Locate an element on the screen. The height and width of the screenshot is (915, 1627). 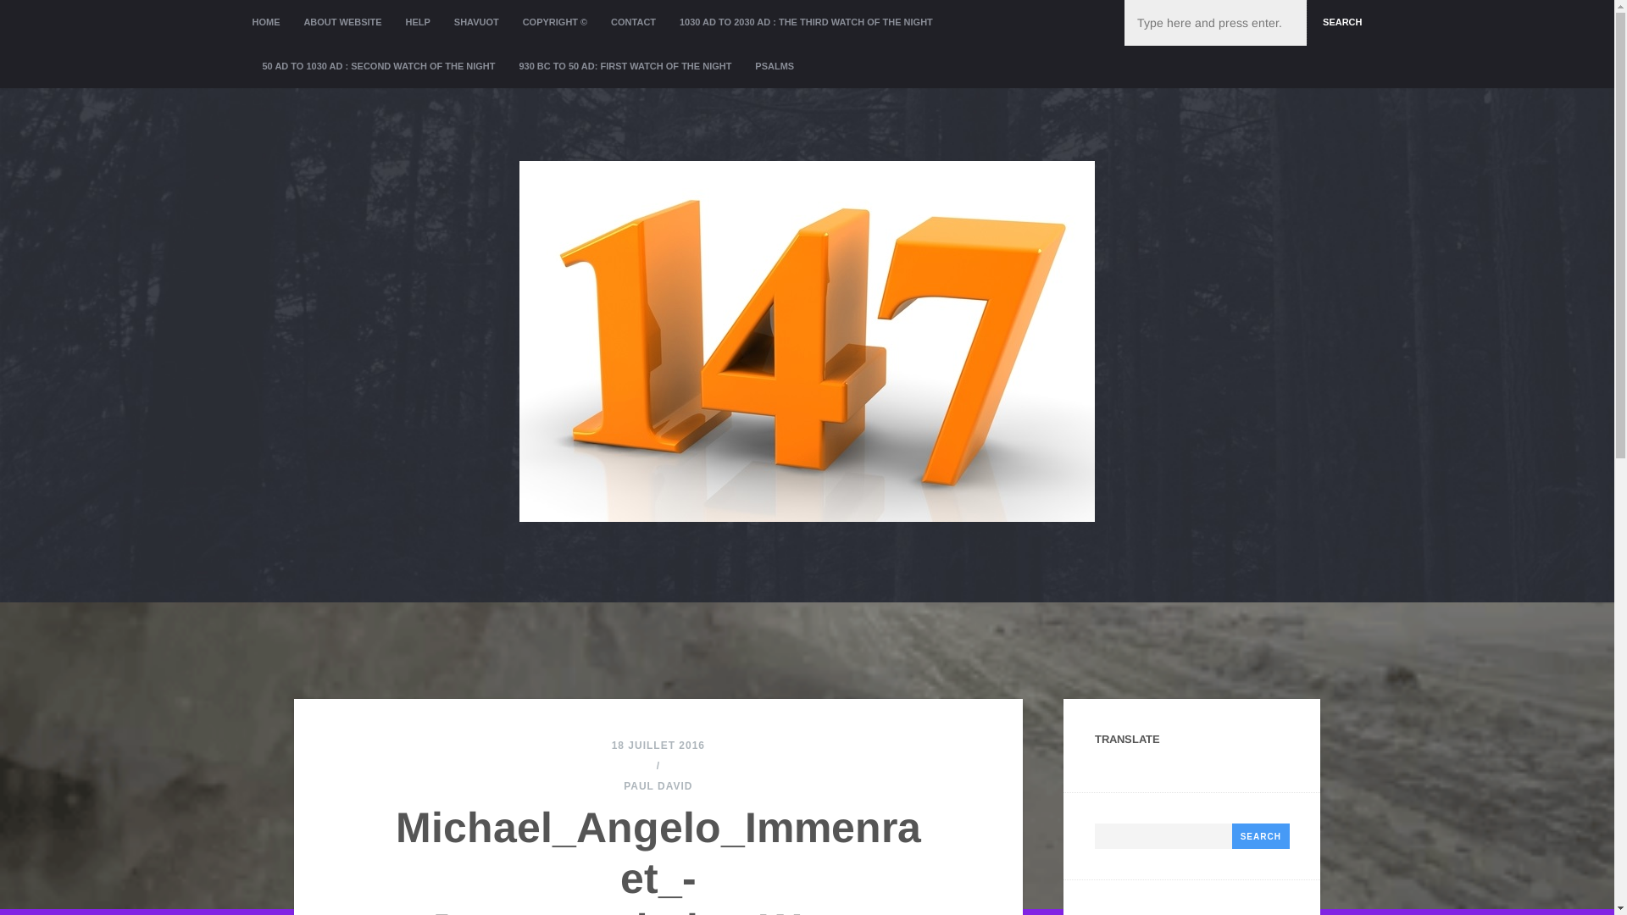
'PSALMS' is located at coordinates (773, 64).